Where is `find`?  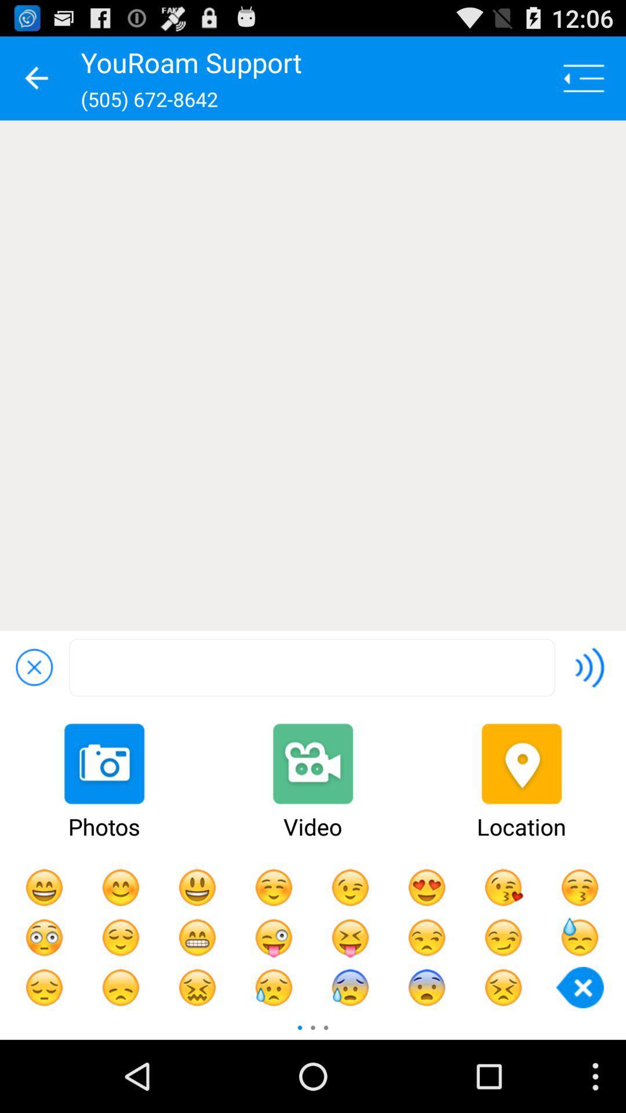 find is located at coordinates (311, 667).